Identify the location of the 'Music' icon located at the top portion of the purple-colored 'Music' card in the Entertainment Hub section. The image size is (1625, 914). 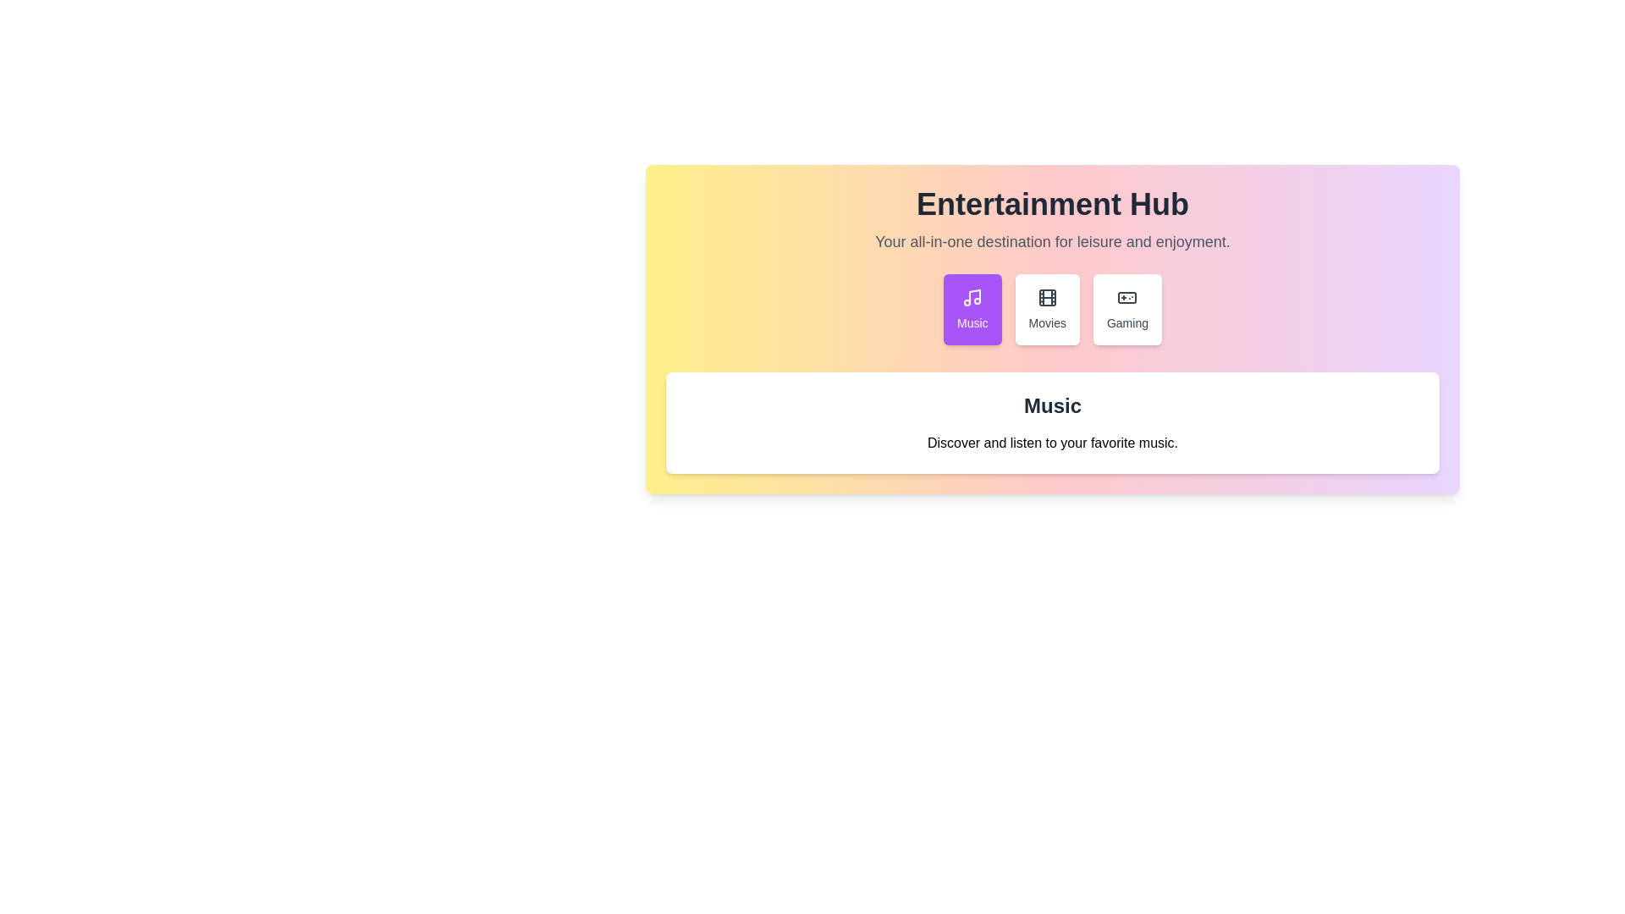
(972, 296).